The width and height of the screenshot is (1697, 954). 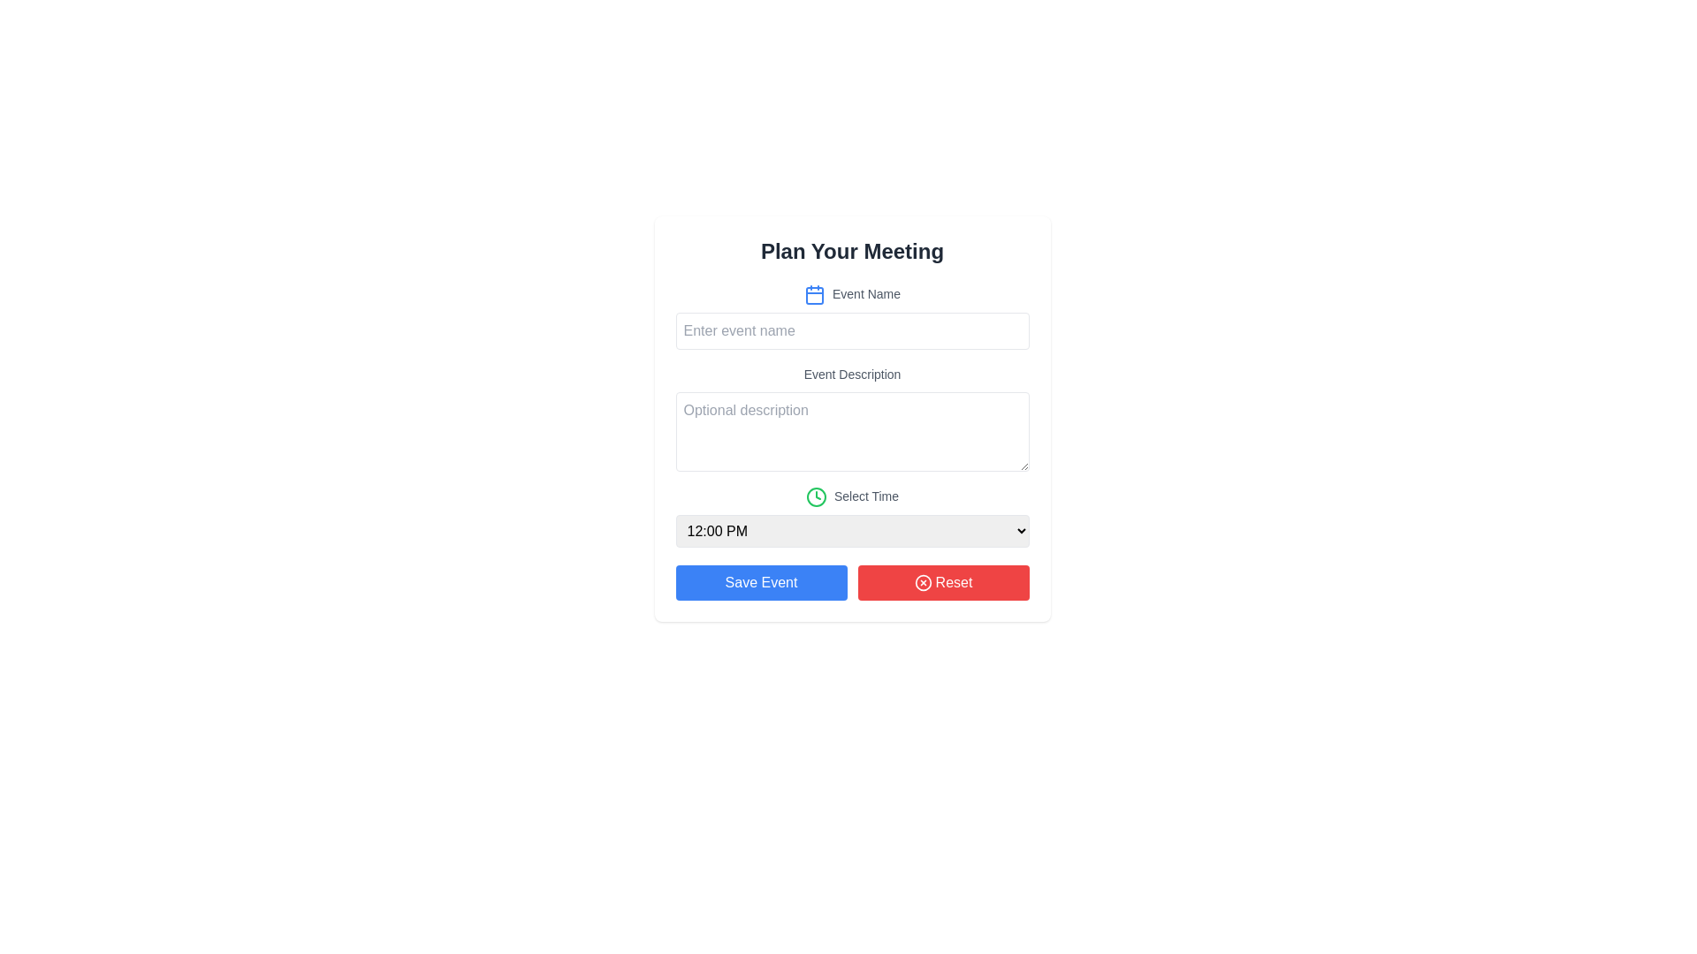 I want to click on the text label that displays 'Event Name', which is styled with small gray font and positioned beside a calendar icon in the 'Plan Your Meeting' form, so click(x=866, y=292).